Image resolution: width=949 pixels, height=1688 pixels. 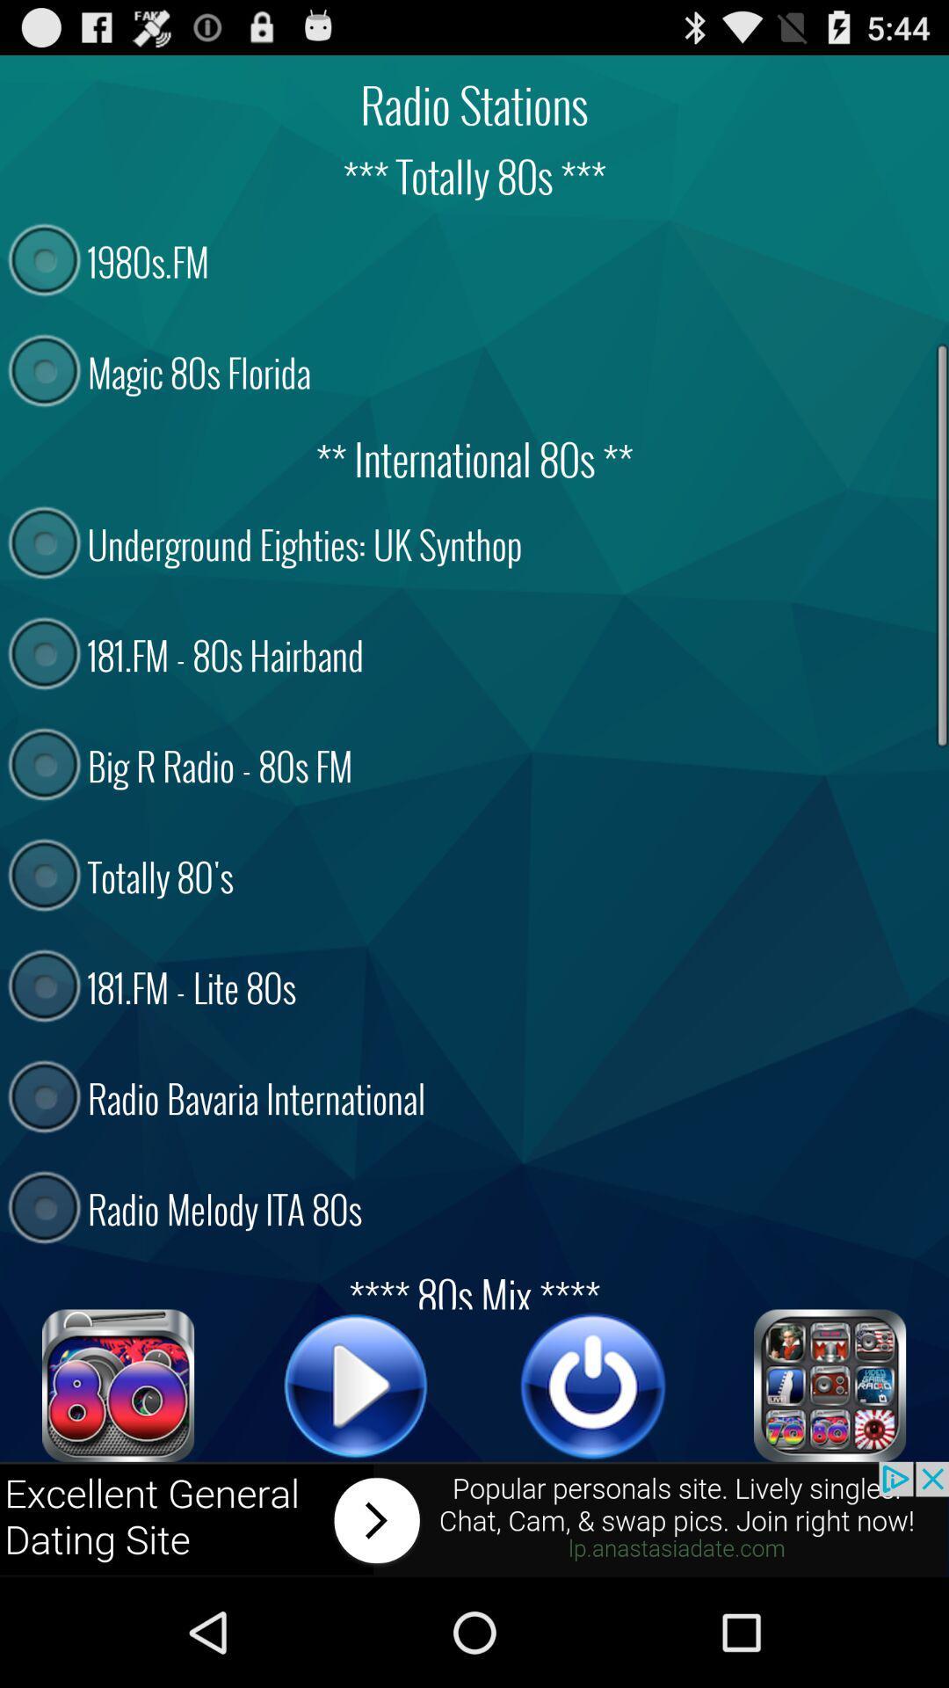 I want to click on link to 80, so click(x=119, y=1385).